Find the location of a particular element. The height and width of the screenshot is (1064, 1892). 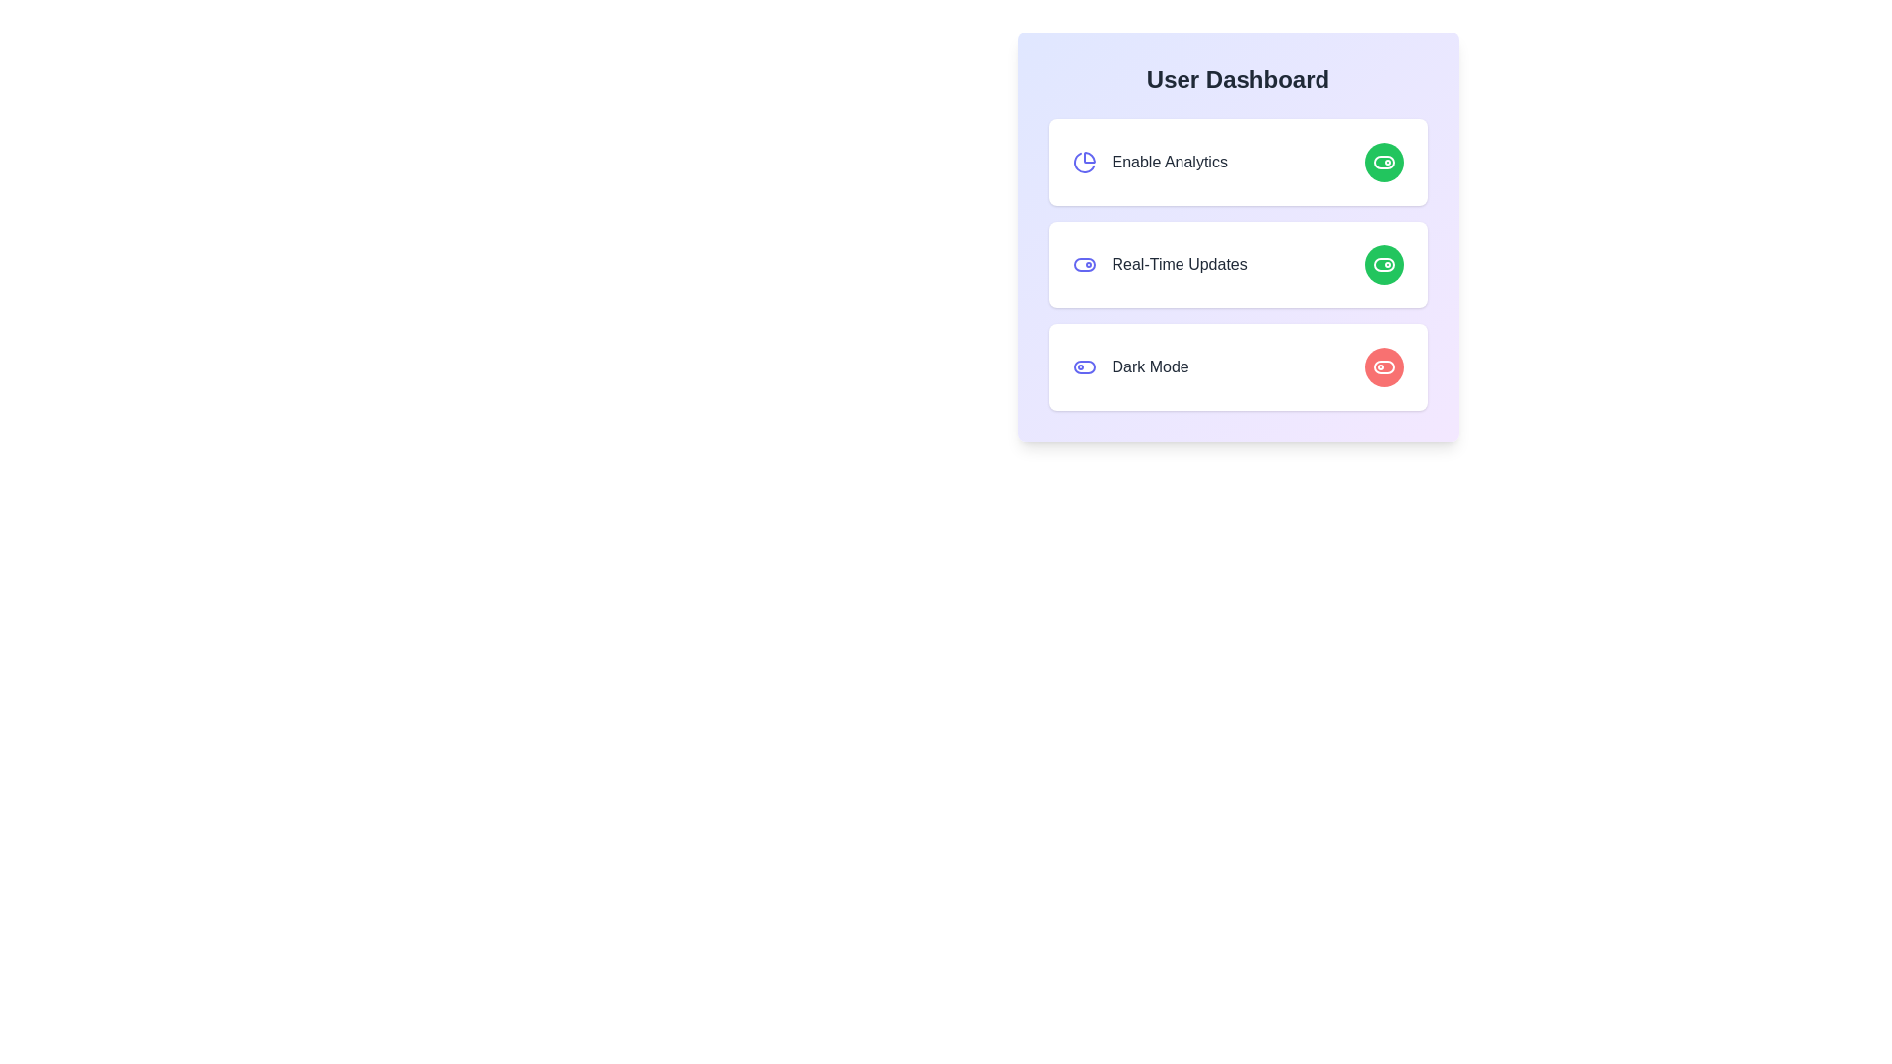

the toggle switch for accessibility navigation is located at coordinates (1083, 367).